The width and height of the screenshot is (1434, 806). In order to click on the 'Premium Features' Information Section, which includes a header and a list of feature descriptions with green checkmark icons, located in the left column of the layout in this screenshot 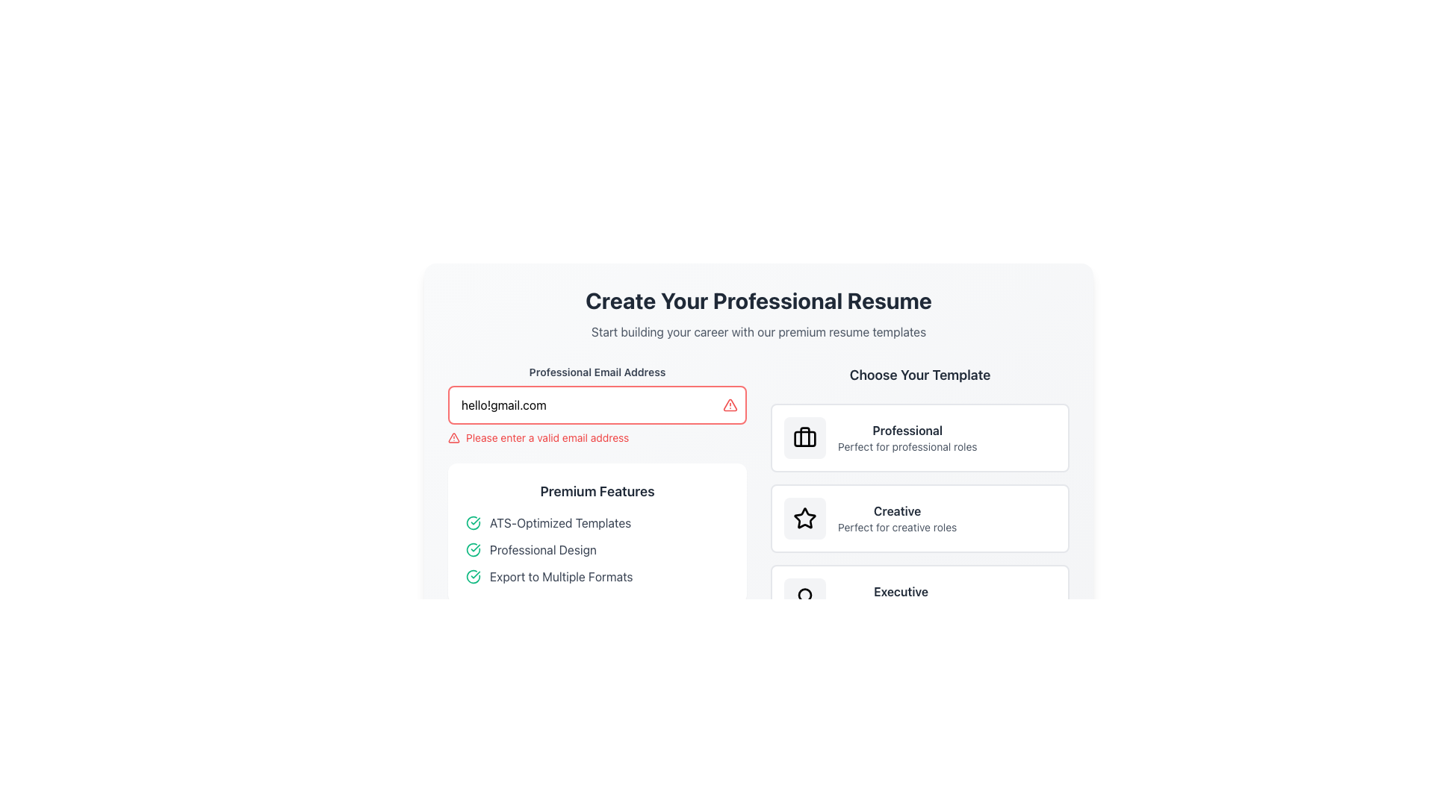, I will do `click(597, 499)`.